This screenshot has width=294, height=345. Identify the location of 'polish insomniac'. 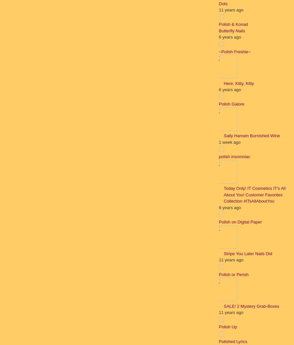
(234, 156).